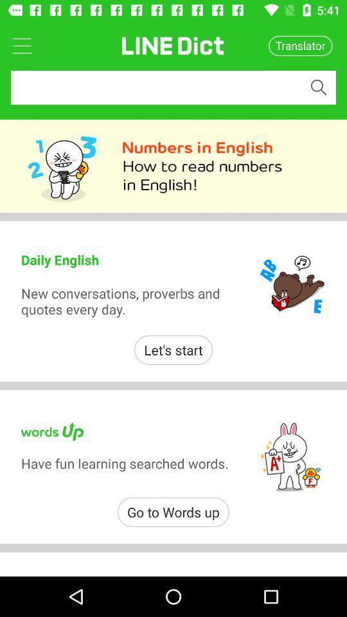 This screenshot has height=617, width=347. I want to click on let's start, so click(173, 350).